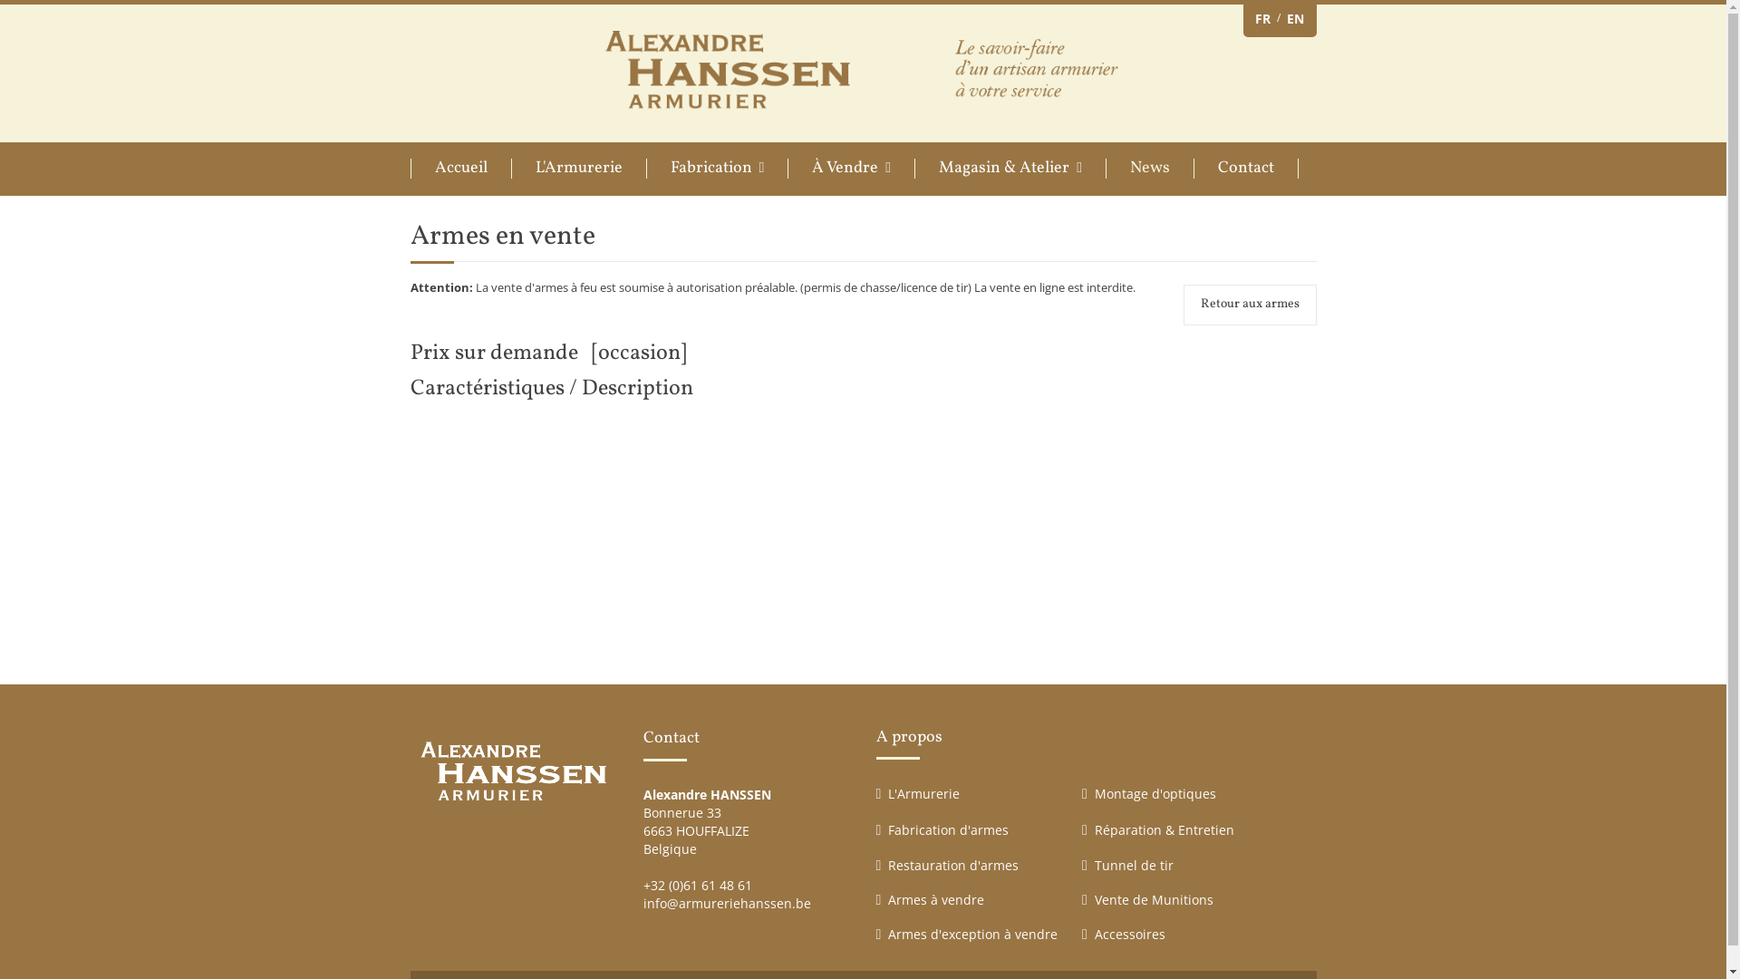 This screenshot has width=1740, height=979. Describe the element at coordinates (1294, 18) in the screenshot. I see `'EN'` at that location.